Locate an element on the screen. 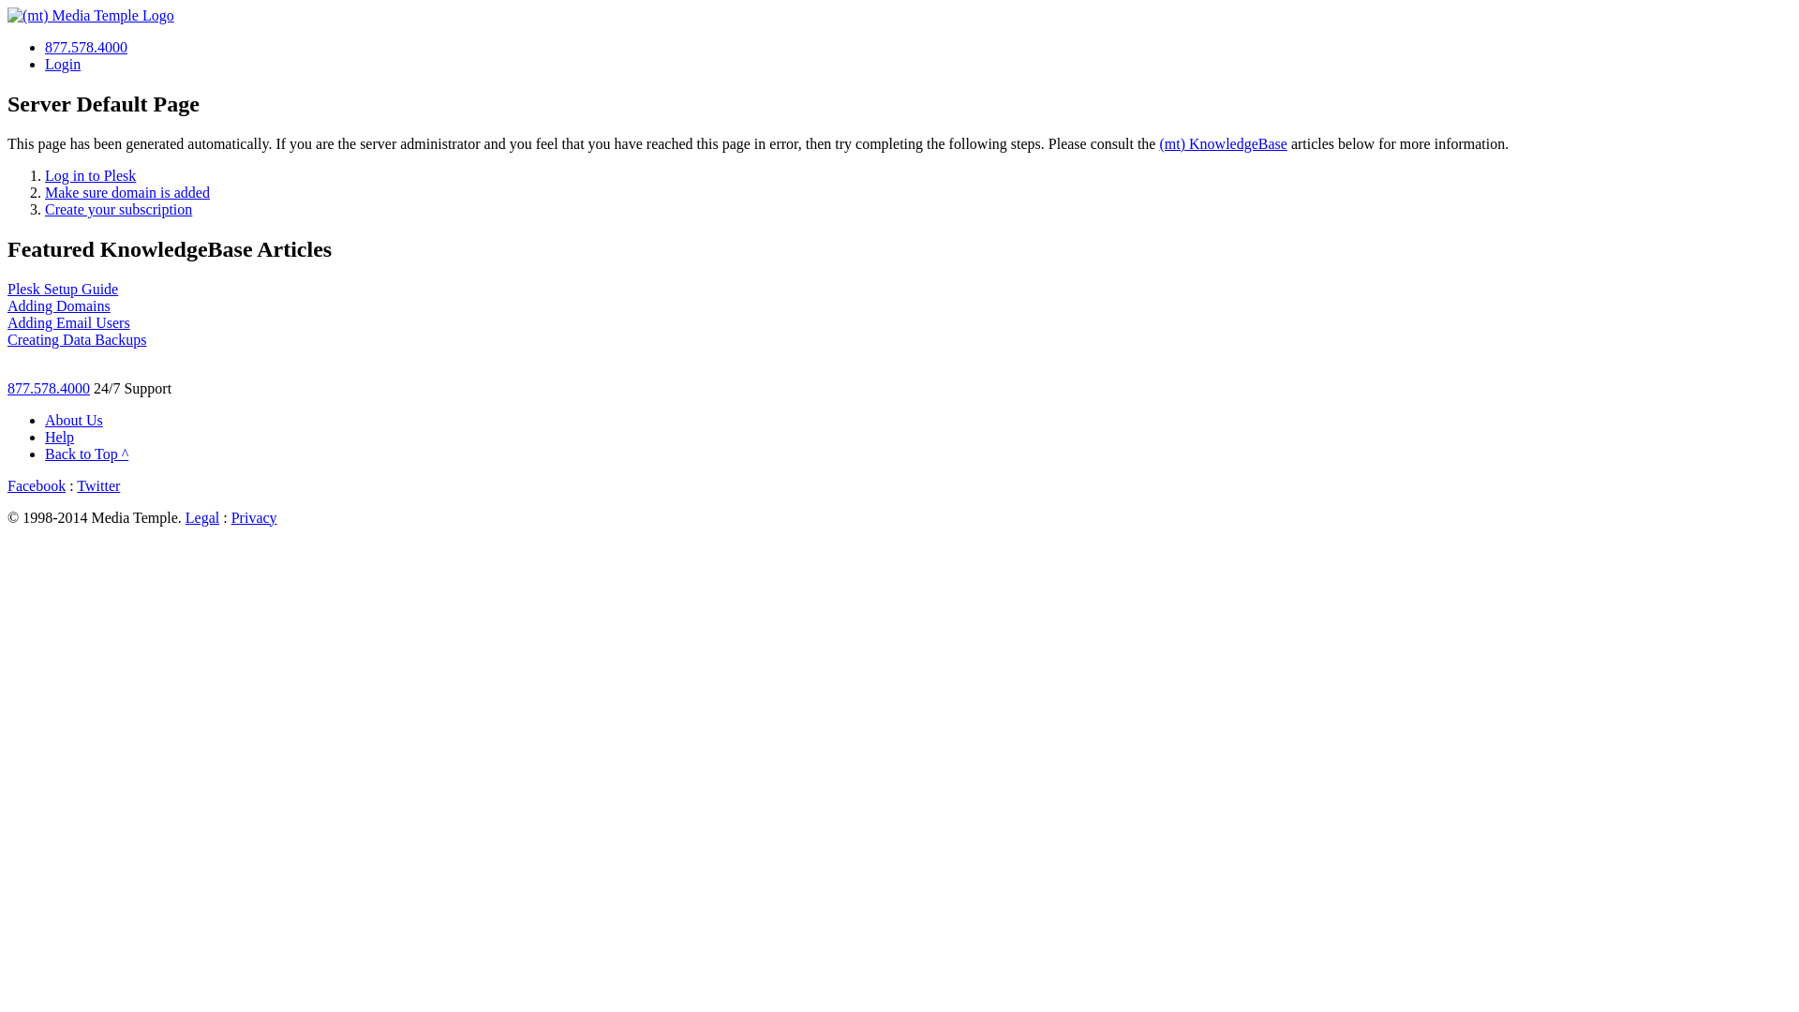  'Legal' is located at coordinates (202, 517).